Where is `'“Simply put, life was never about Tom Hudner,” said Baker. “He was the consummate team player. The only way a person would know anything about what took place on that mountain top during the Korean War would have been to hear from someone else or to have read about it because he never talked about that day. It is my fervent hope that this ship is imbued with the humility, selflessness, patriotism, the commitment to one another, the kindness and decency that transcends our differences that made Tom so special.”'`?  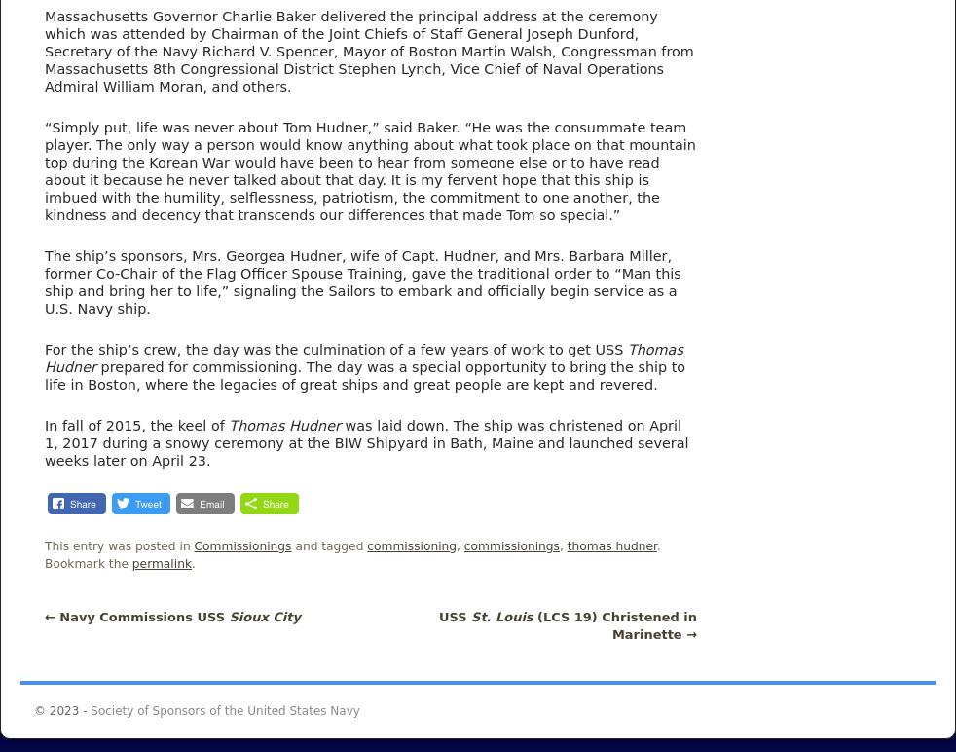
'“Simply put, life was never about Tom Hudner,” said Baker. “He was the consummate team player. The only way a person would know anything about what took place on that mountain top during the Korean War would have been to hear from someone else or to have read about it because he never talked about that day. It is my fervent hope that this ship is imbued with the humility, selflessness, patriotism, the commitment to one another, the kindness and decency that transcends our differences that made Tom so special.”' is located at coordinates (43, 169).